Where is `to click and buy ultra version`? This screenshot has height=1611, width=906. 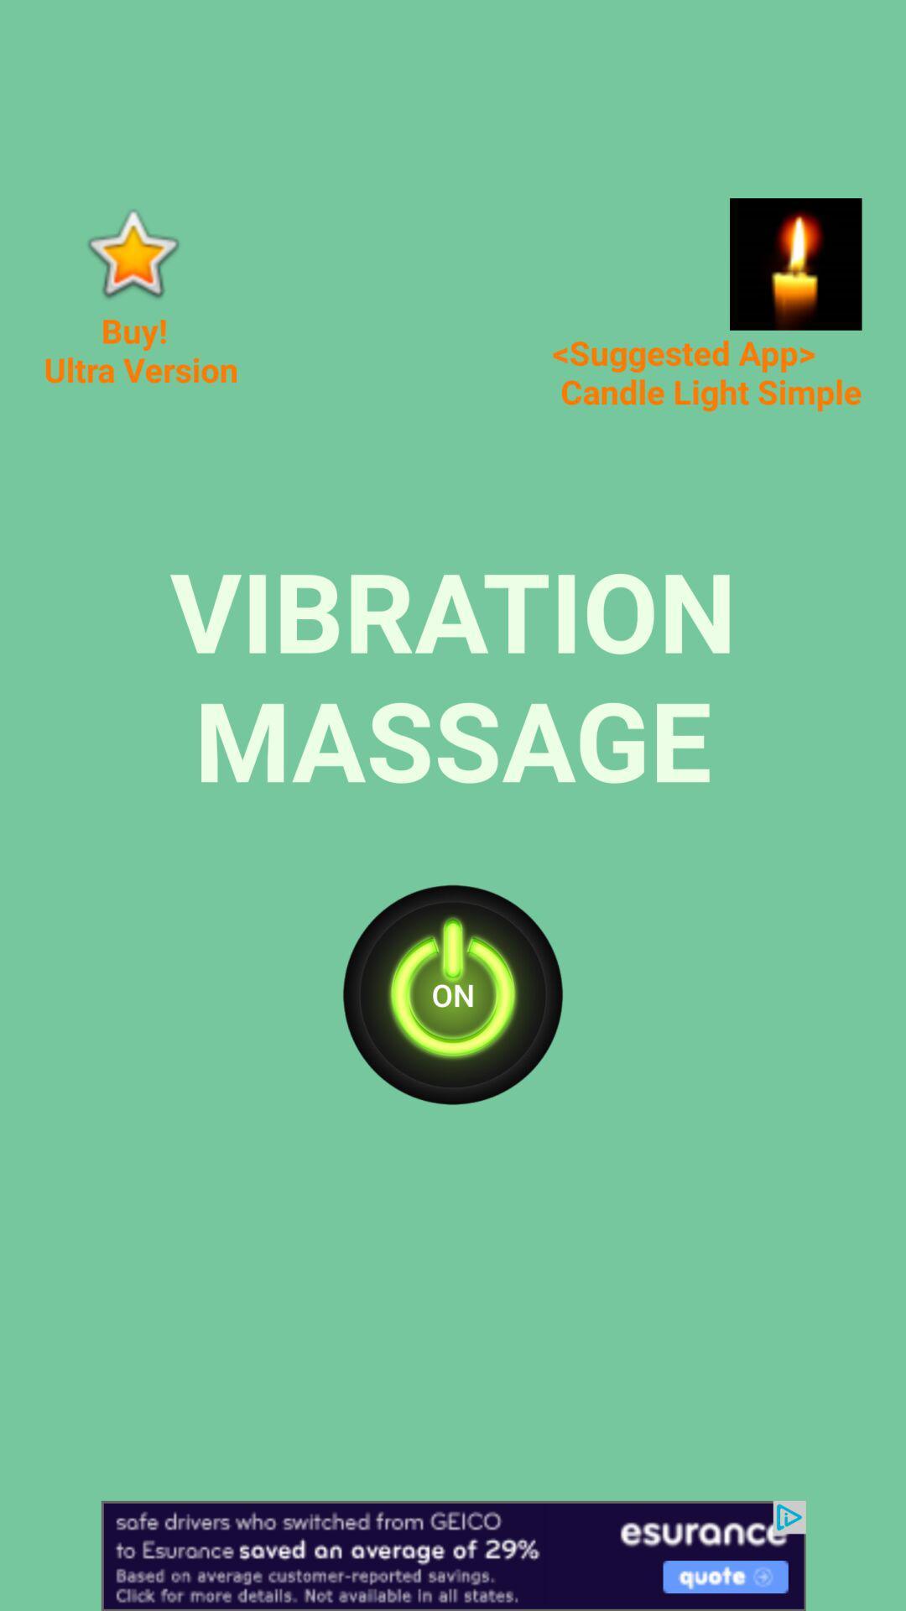 to click and buy ultra version is located at coordinates (131, 252).